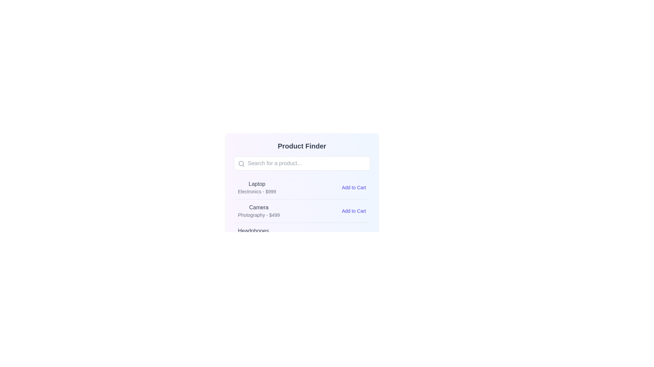 The height and width of the screenshot is (367, 654). Describe the element at coordinates (241, 163) in the screenshot. I see `the circular icon within the search icon in the input bar, which is positioned to the left of the text input box labeled 'Search for a product...'` at that location.